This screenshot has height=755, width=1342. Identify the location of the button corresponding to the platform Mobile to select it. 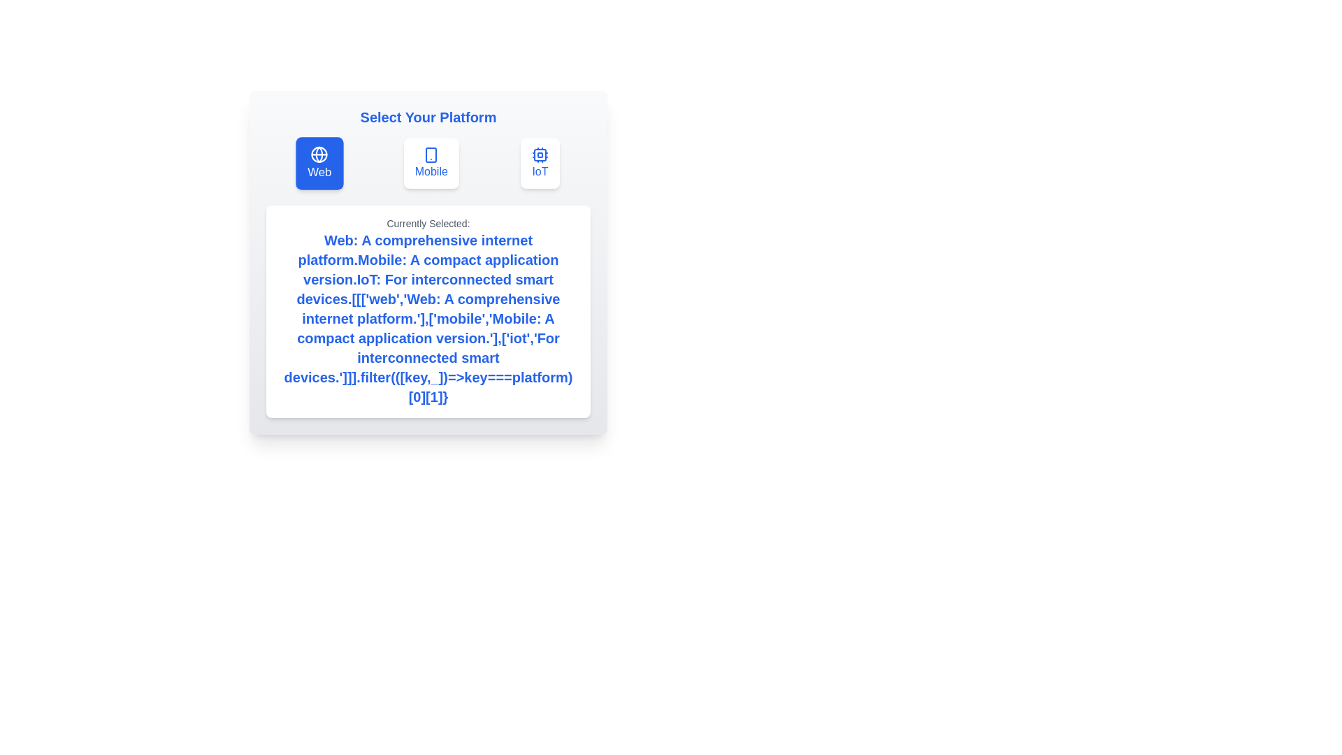
(431, 163).